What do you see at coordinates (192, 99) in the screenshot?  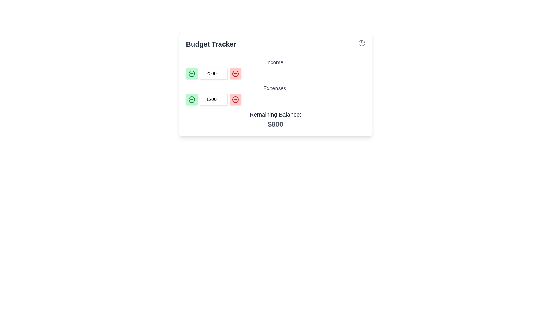 I see `the green circular Icon button with a '+' symbol, located to the left of the input field labeled '1200'` at bounding box center [192, 99].